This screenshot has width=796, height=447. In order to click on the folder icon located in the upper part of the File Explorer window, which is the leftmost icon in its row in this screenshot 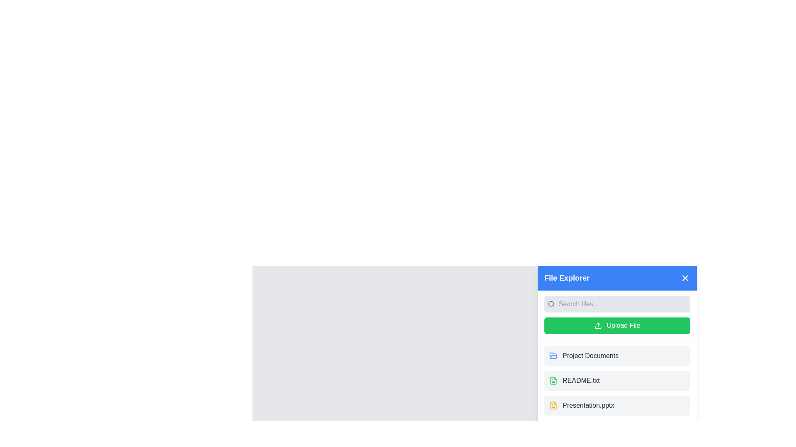, I will do `click(553, 355)`.